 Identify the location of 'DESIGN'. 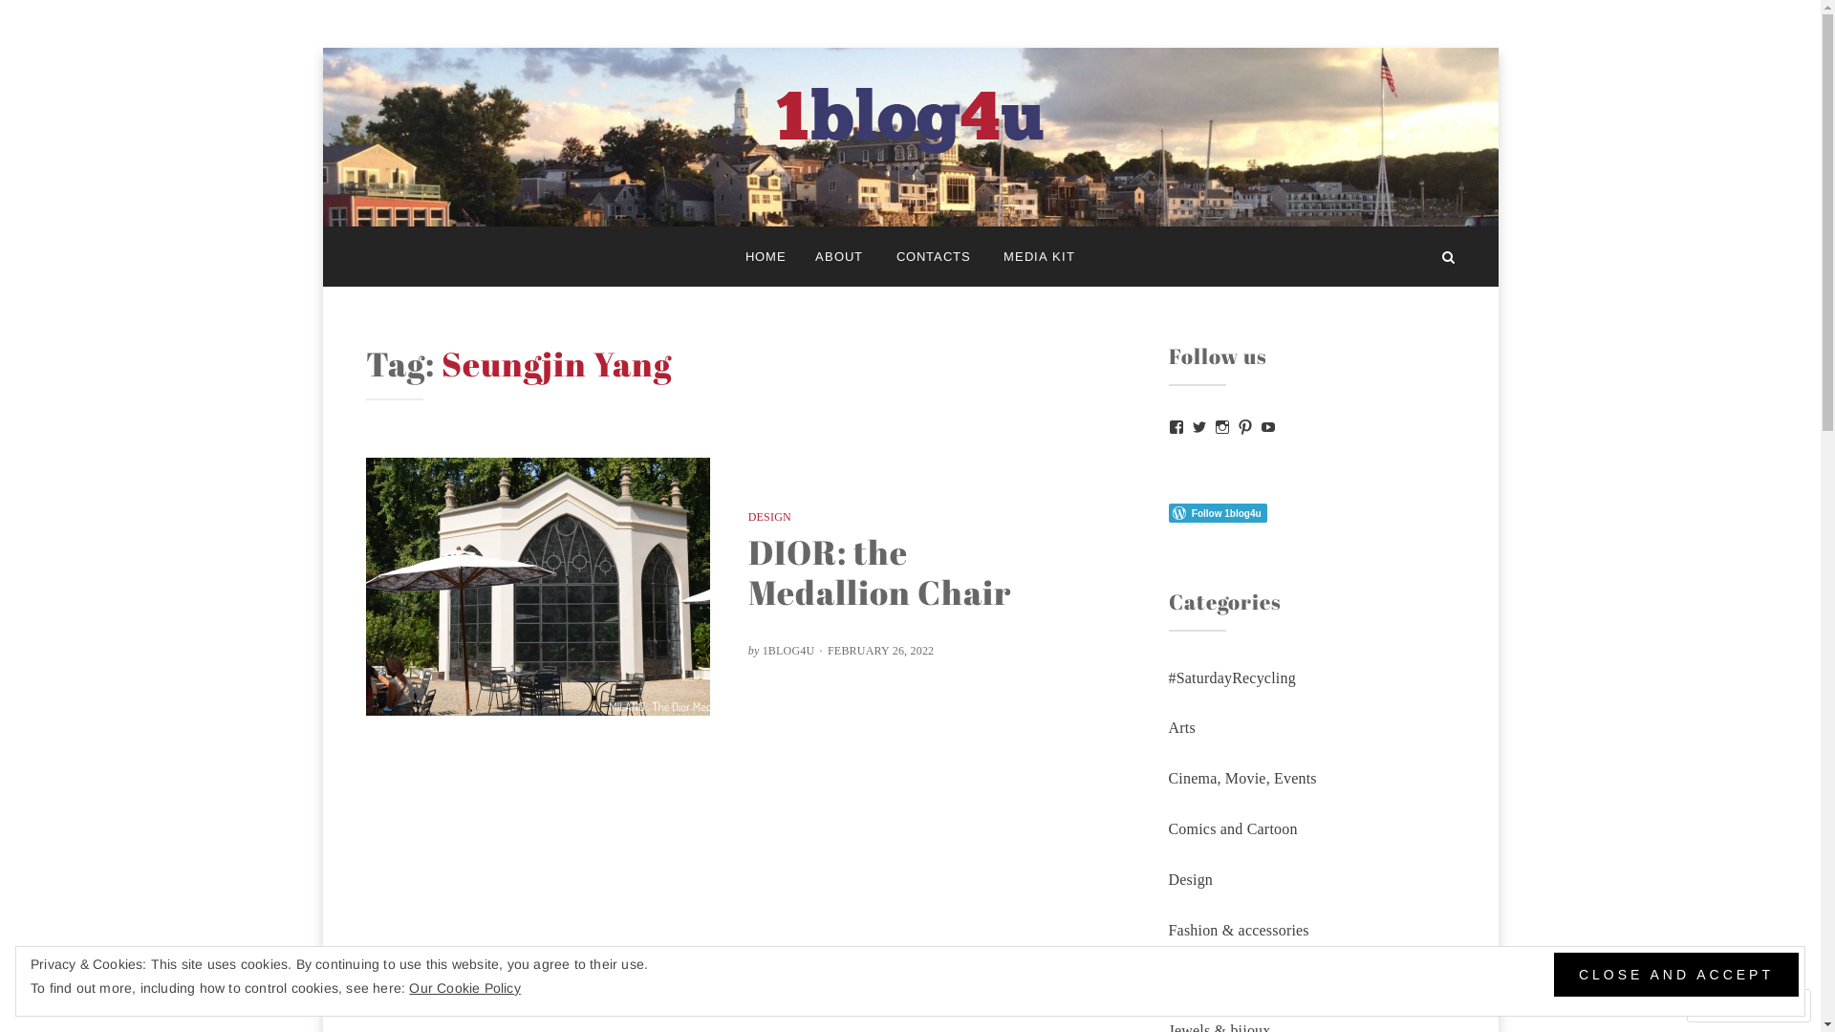
(746, 516).